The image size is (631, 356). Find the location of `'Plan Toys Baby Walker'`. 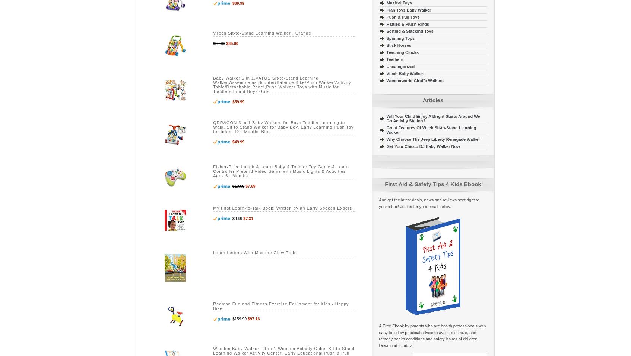

'Plan Toys Baby Walker' is located at coordinates (386, 10).